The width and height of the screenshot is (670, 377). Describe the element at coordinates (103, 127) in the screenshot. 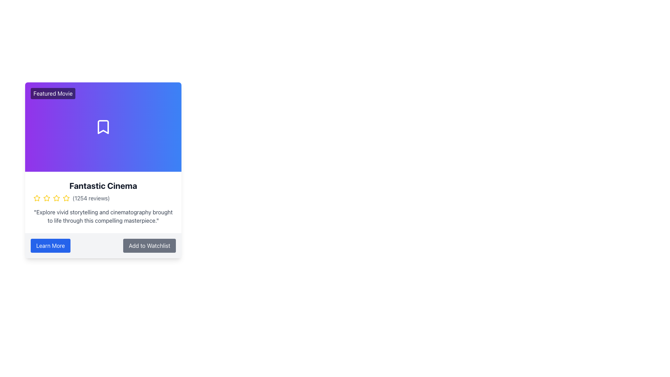

I see `the bookmark icon located in the Banner section above the 'Fantastic Cinema' text to bookmark the featured content` at that location.